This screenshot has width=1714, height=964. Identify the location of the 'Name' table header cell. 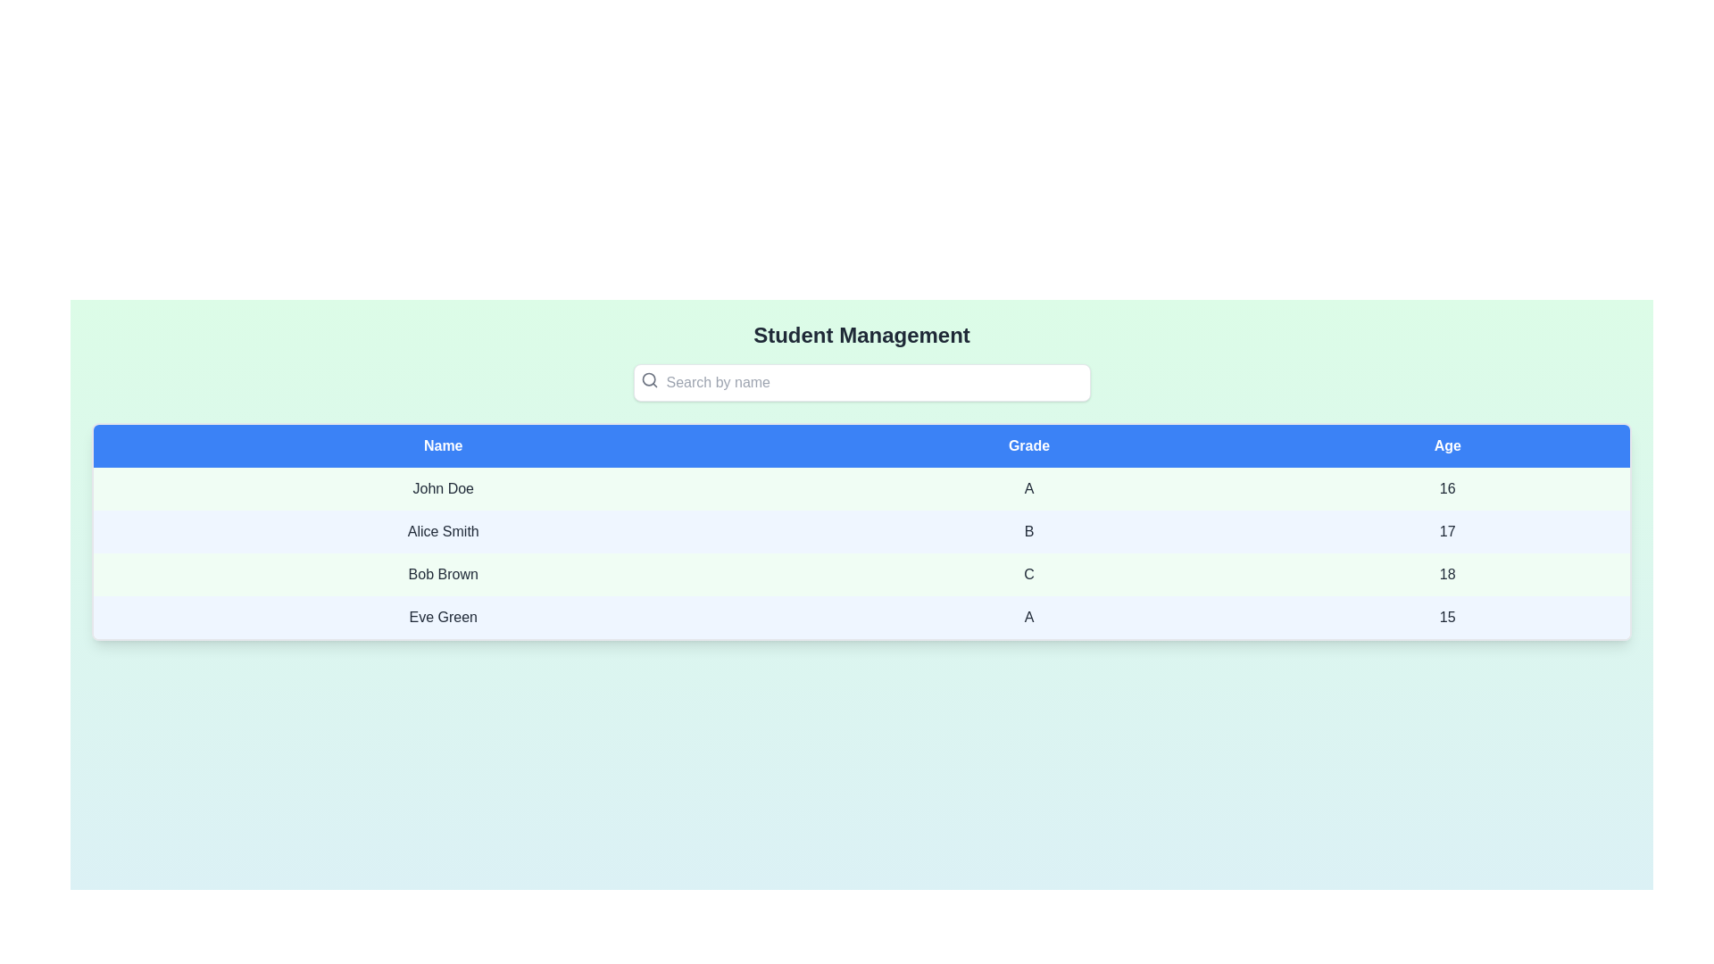
(443, 445).